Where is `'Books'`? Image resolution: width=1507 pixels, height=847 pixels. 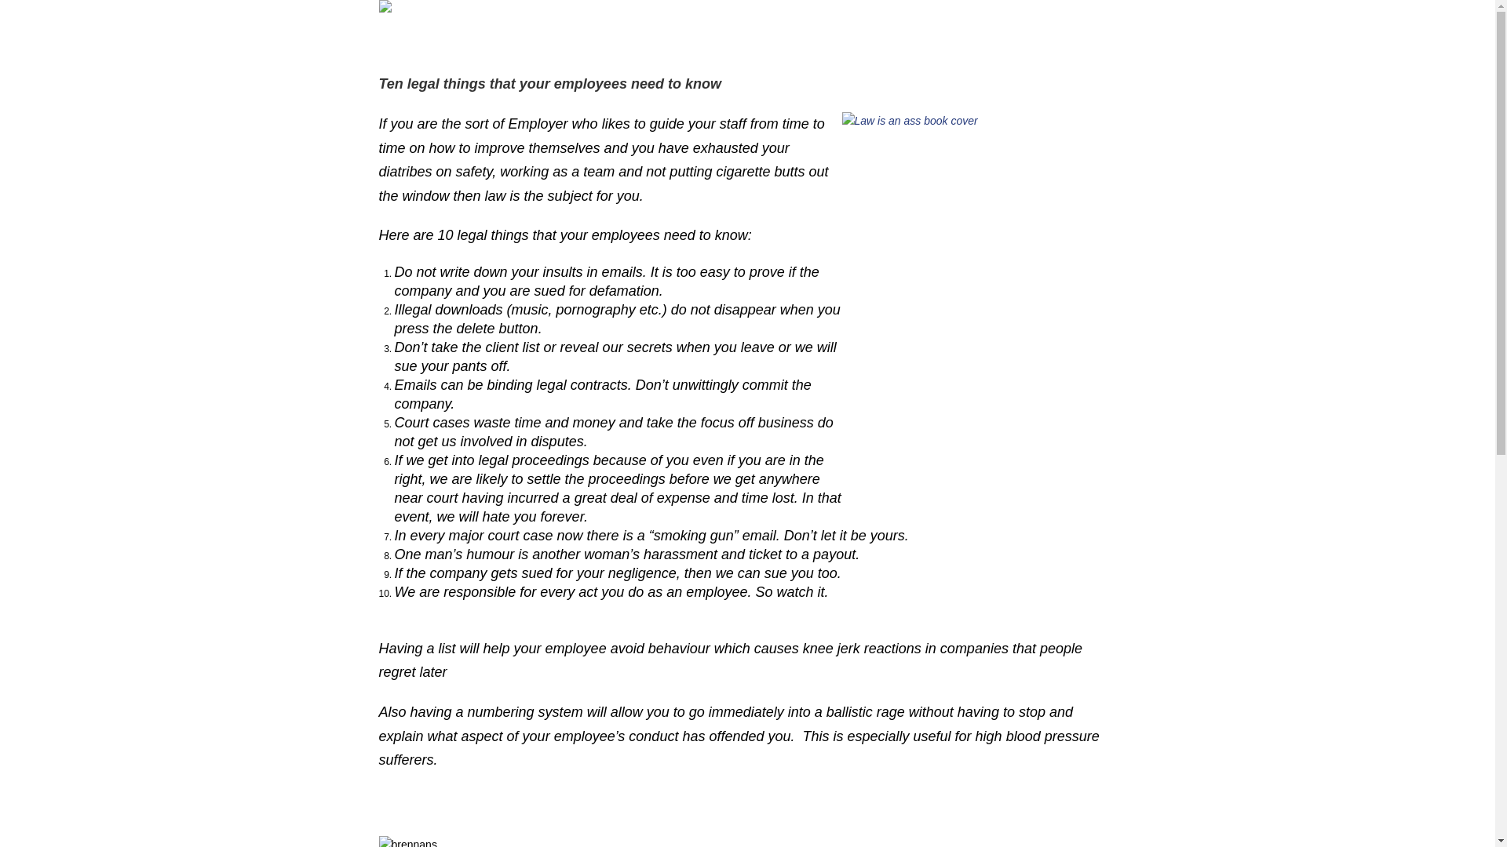
'Books' is located at coordinates (619, 33).